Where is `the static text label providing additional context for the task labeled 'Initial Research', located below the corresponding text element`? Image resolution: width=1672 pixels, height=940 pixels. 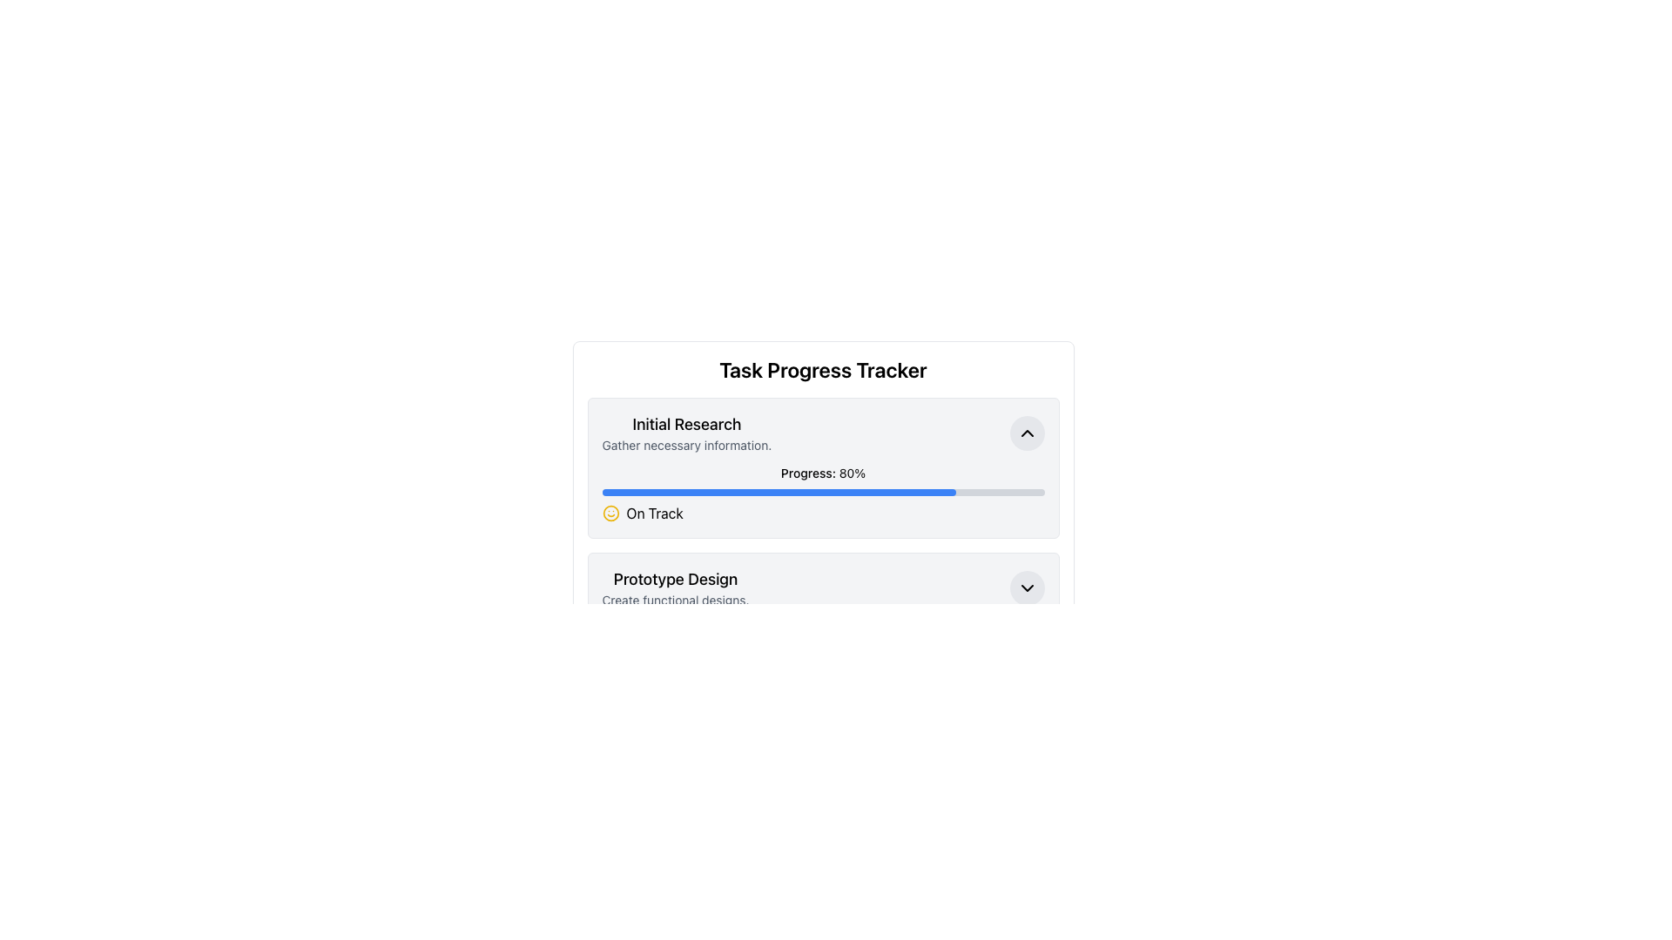
the static text label providing additional context for the task labeled 'Initial Research', located below the corresponding text element is located at coordinates (685, 445).